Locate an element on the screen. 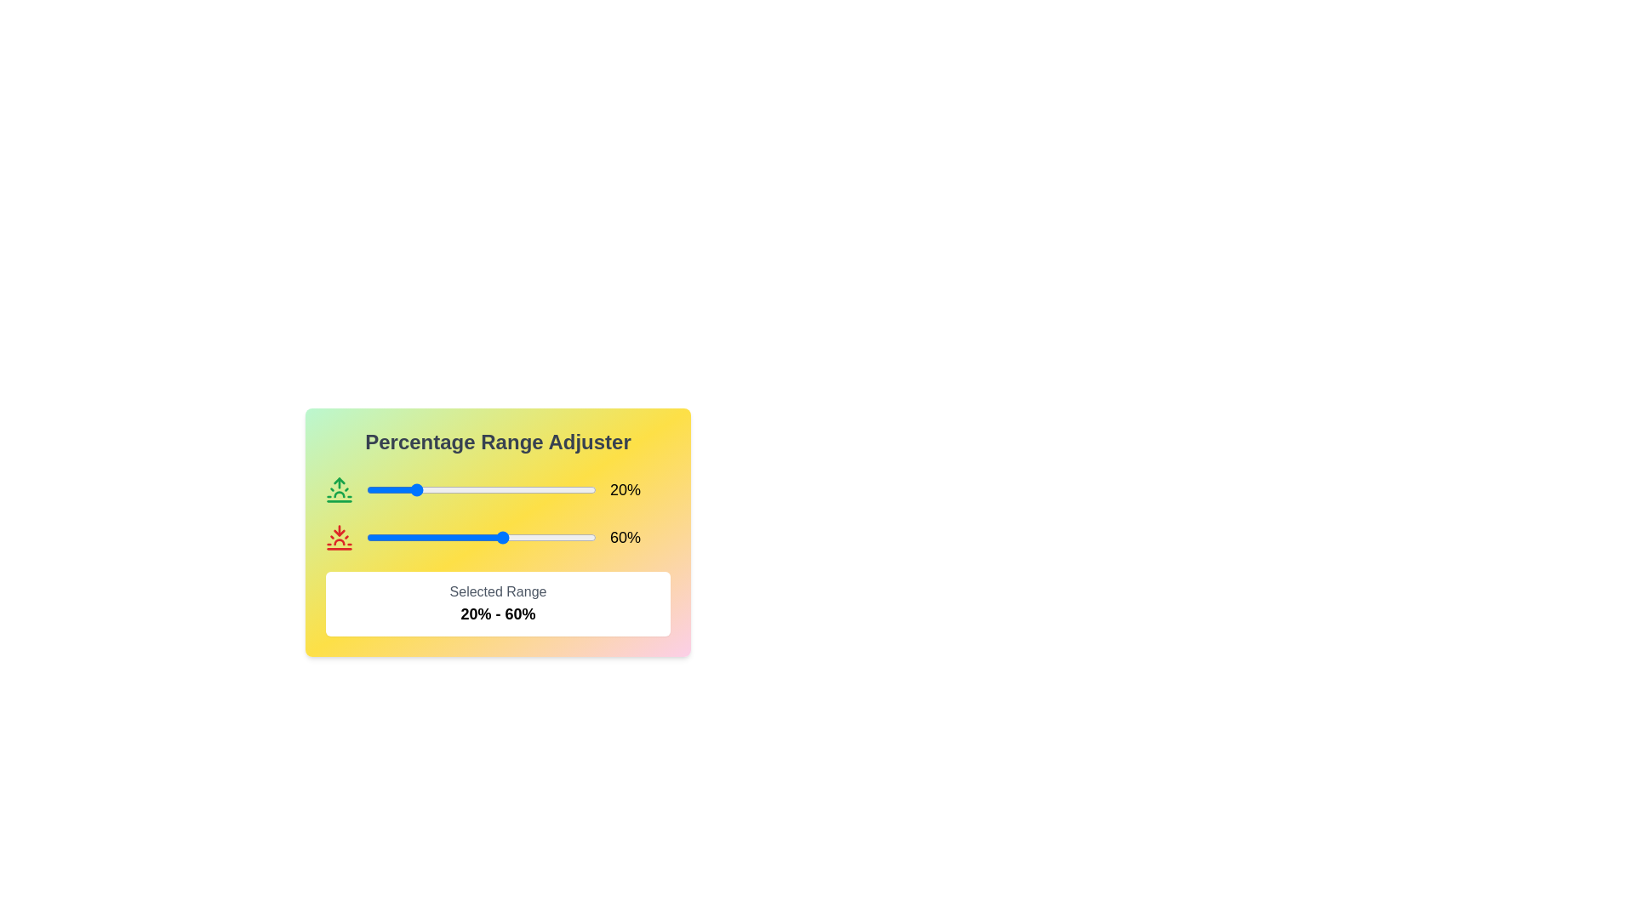 The image size is (1634, 919). the slider is located at coordinates (437, 489).